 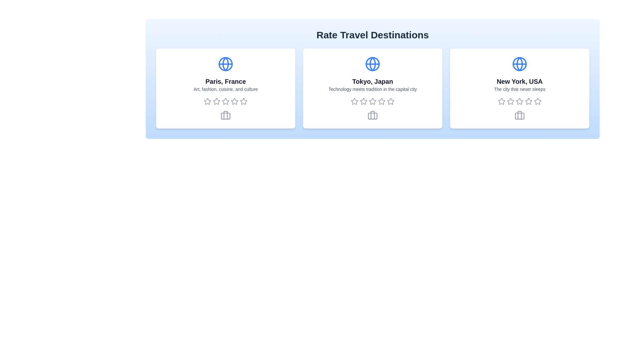 What do you see at coordinates (243, 101) in the screenshot?
I see `the star corresponding to 5 stars to preview the rating` at bounding box center [243, 101].